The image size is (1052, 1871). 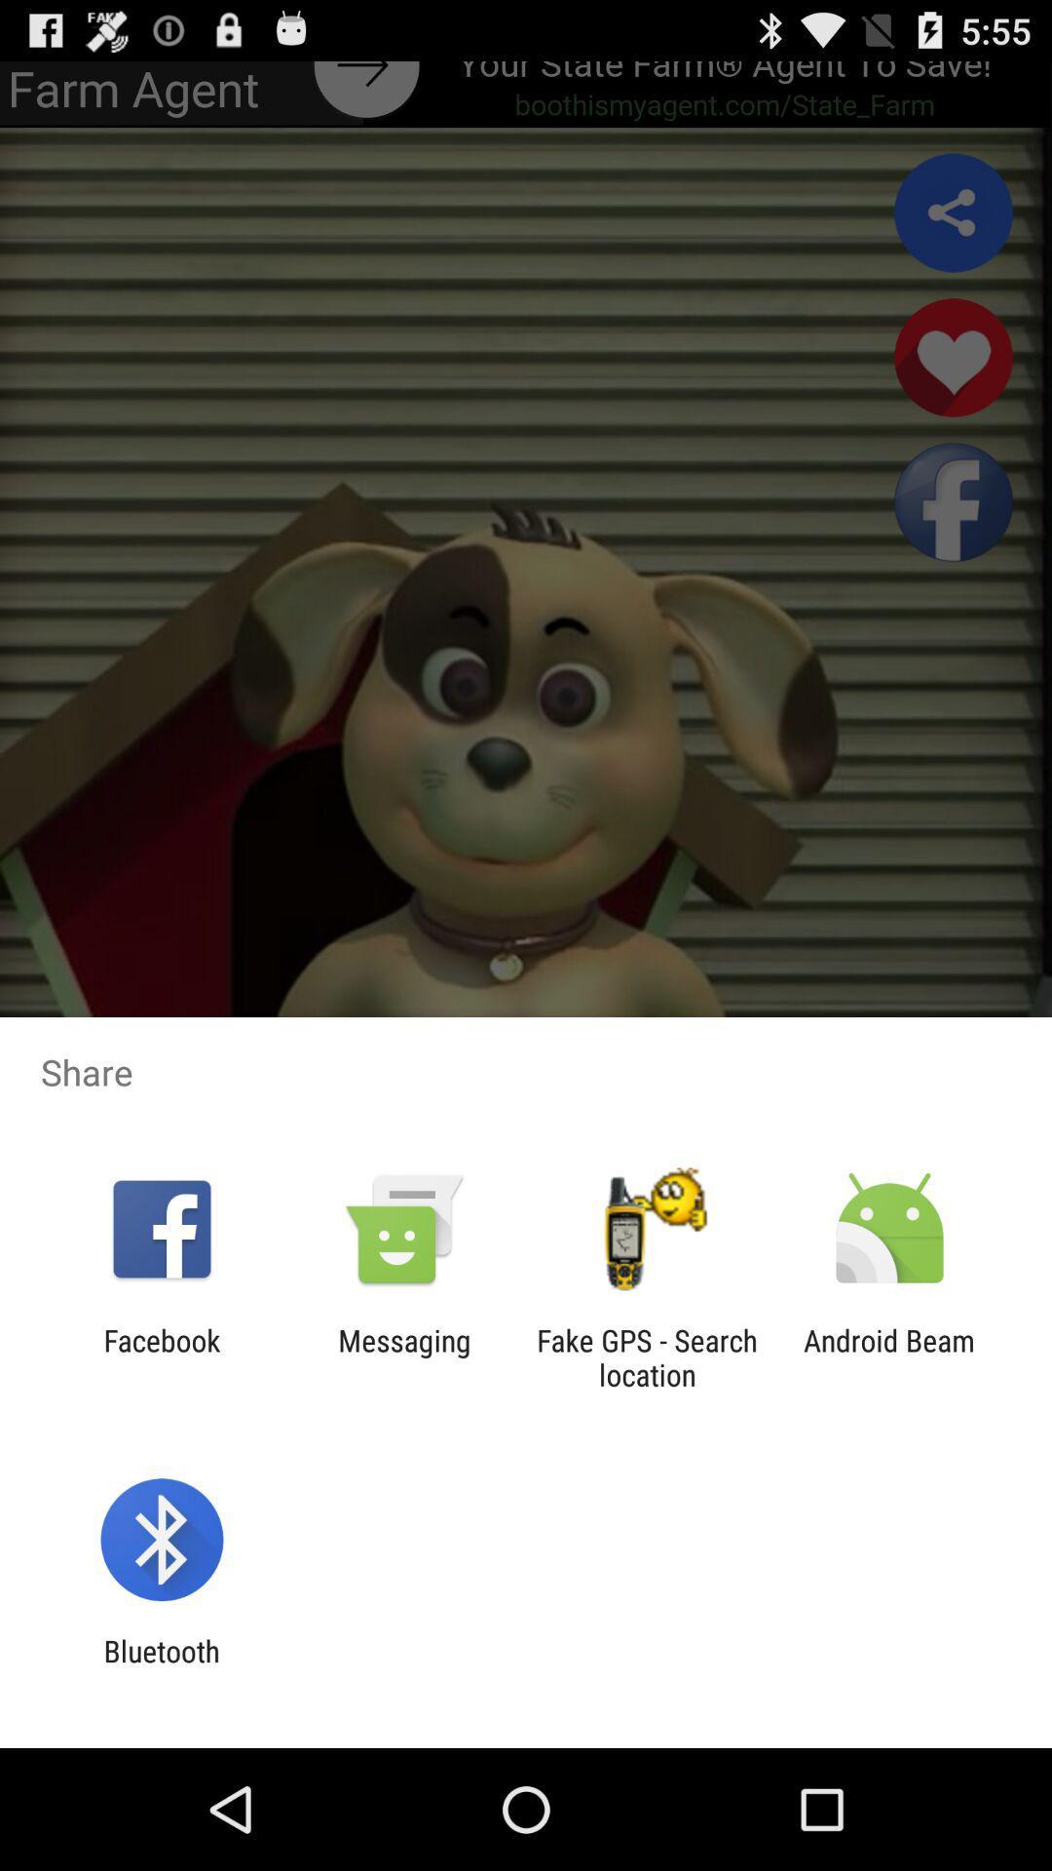 I want to click on icon to the left of the android beam item, so click(x=647, y=1356).